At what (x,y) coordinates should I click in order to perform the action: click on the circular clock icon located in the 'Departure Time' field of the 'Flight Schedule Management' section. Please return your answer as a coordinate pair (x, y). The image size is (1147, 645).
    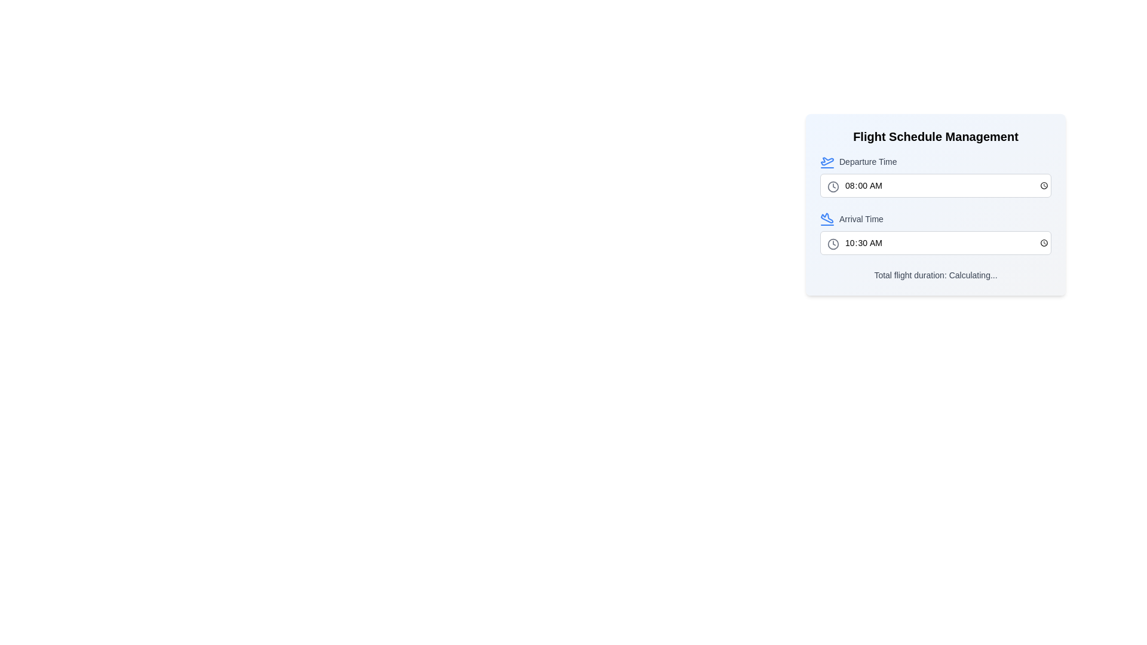
    Looking at the image, I should click on (833, 186).